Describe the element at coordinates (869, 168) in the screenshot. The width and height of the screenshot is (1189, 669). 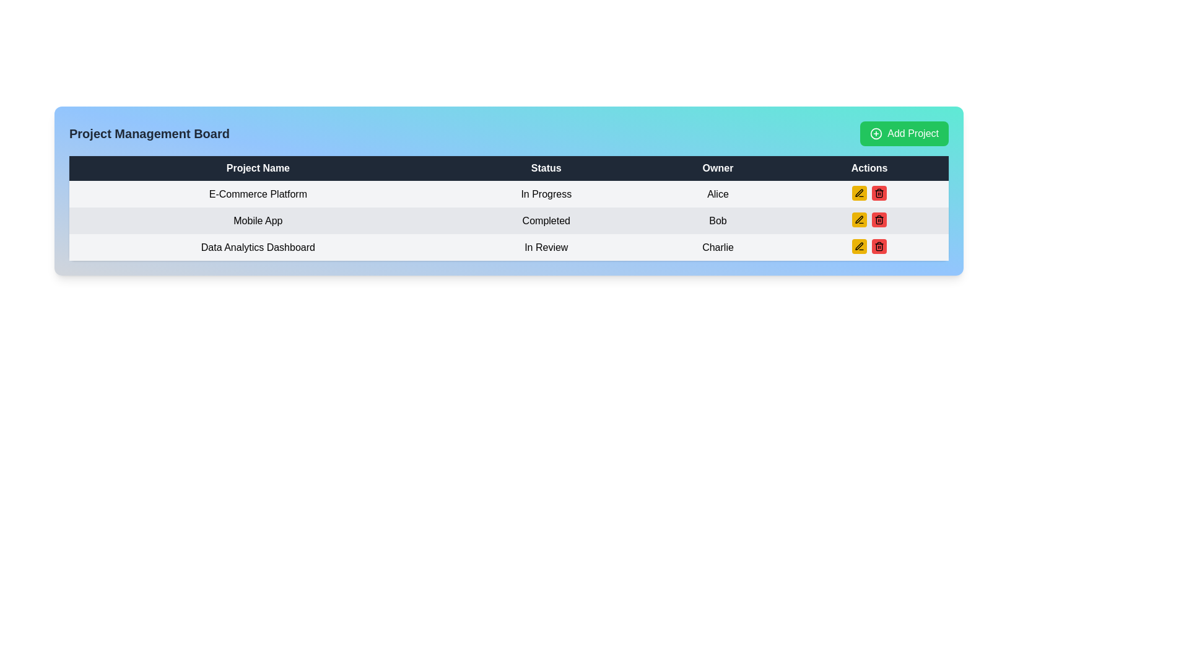
I see `the text label that displays 'Actions', located at the far-right section of the header row of the table` at that location.